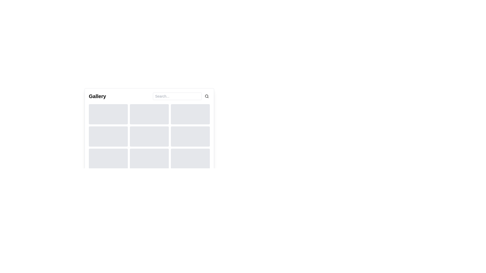  I want to click on the Placeholder box, which is a light gray rectangular area with rounded corners located at the bottom-right of a 3x3 grid, so click(190, 158).